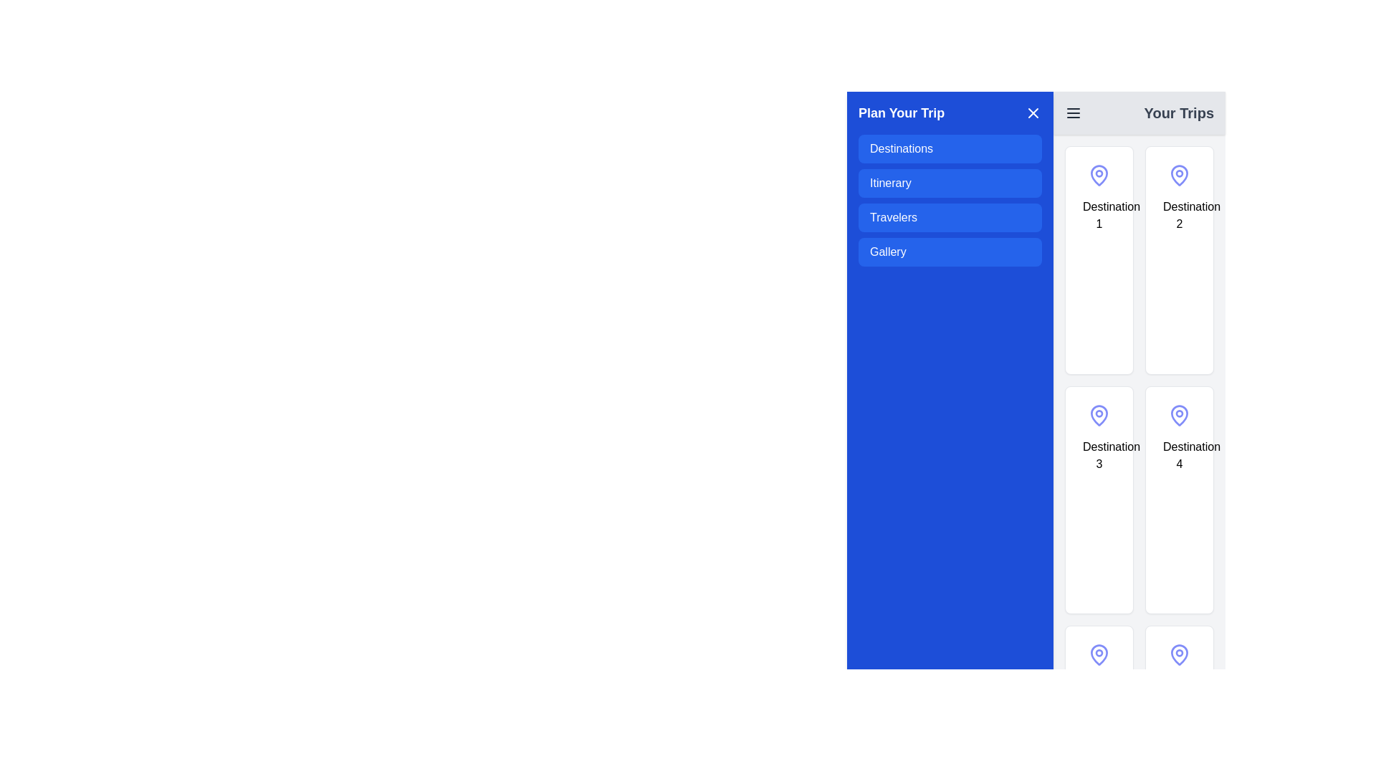 This screenshot has height=774, width=1376. I want to click on the 'Destinations' button, which is a blue rectangular button with rounded corners located in the top-left of the sidebar, so click(950, 149).